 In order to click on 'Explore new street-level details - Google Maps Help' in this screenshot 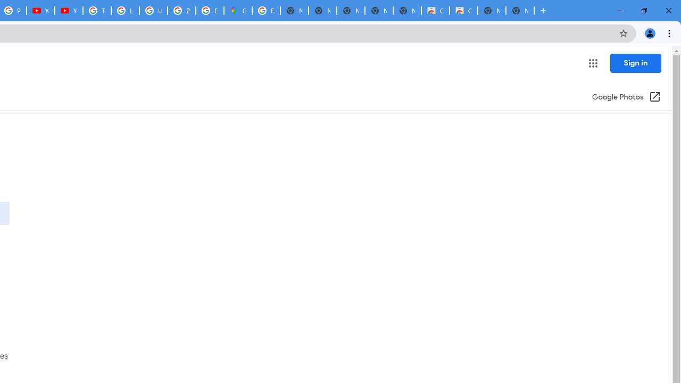, I will do `click(210, 11)`.